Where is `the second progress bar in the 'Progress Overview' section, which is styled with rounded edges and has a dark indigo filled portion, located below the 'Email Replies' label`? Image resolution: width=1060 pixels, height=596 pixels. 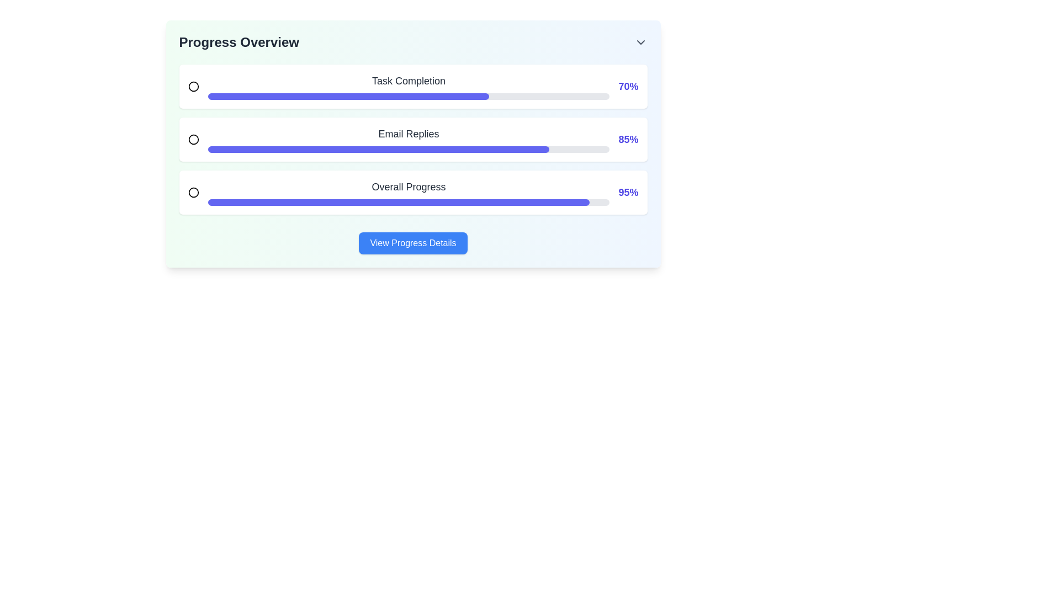 the second progress bar in the 'Progress Overview' section, which is styled with rounded edges and has a dark indigo filled portion, located below the 'Email Replies' label is located at coordinates (408, 149).